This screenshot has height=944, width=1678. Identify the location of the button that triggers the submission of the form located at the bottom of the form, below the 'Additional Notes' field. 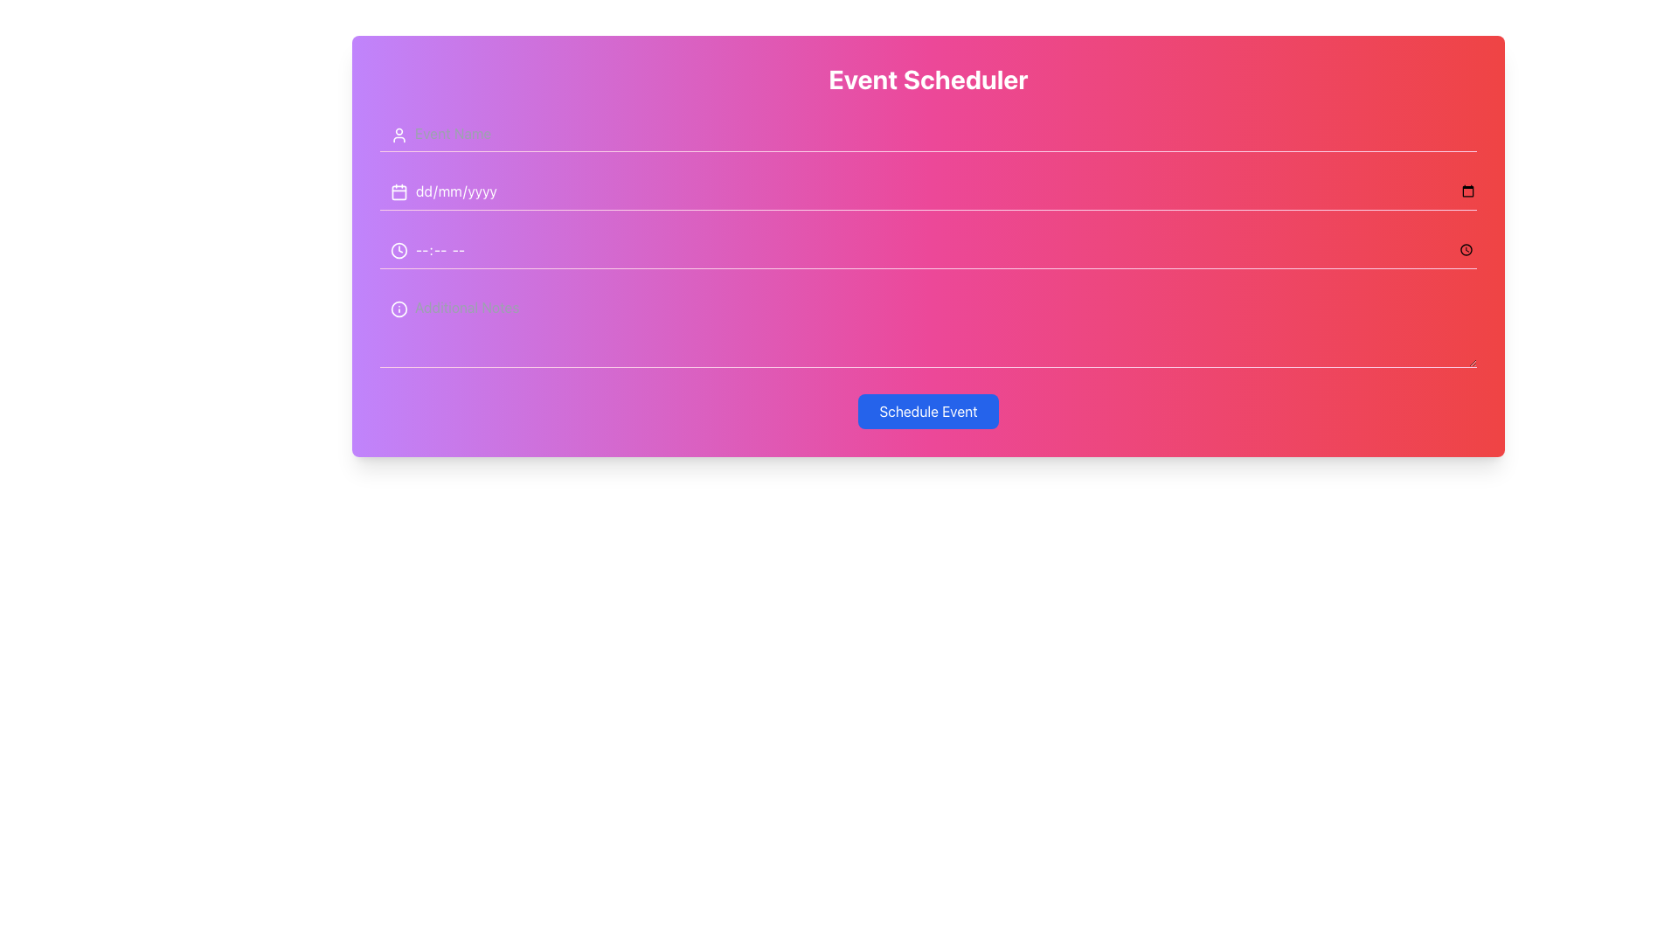
(927, 411).